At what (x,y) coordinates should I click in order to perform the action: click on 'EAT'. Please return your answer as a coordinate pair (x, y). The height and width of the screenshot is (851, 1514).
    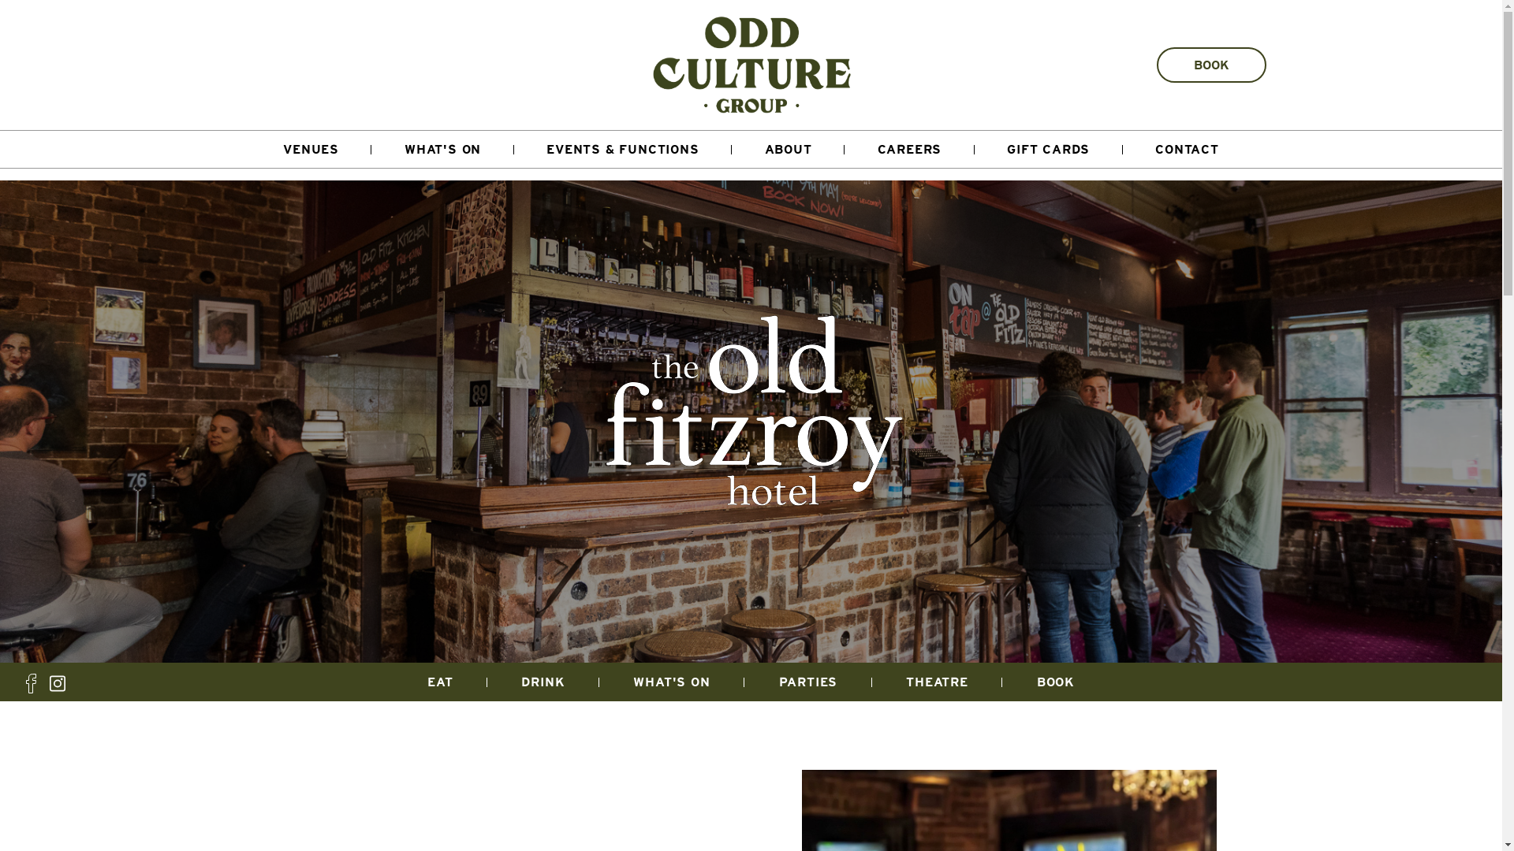
    Looking at the image, I should click on (439, 681).